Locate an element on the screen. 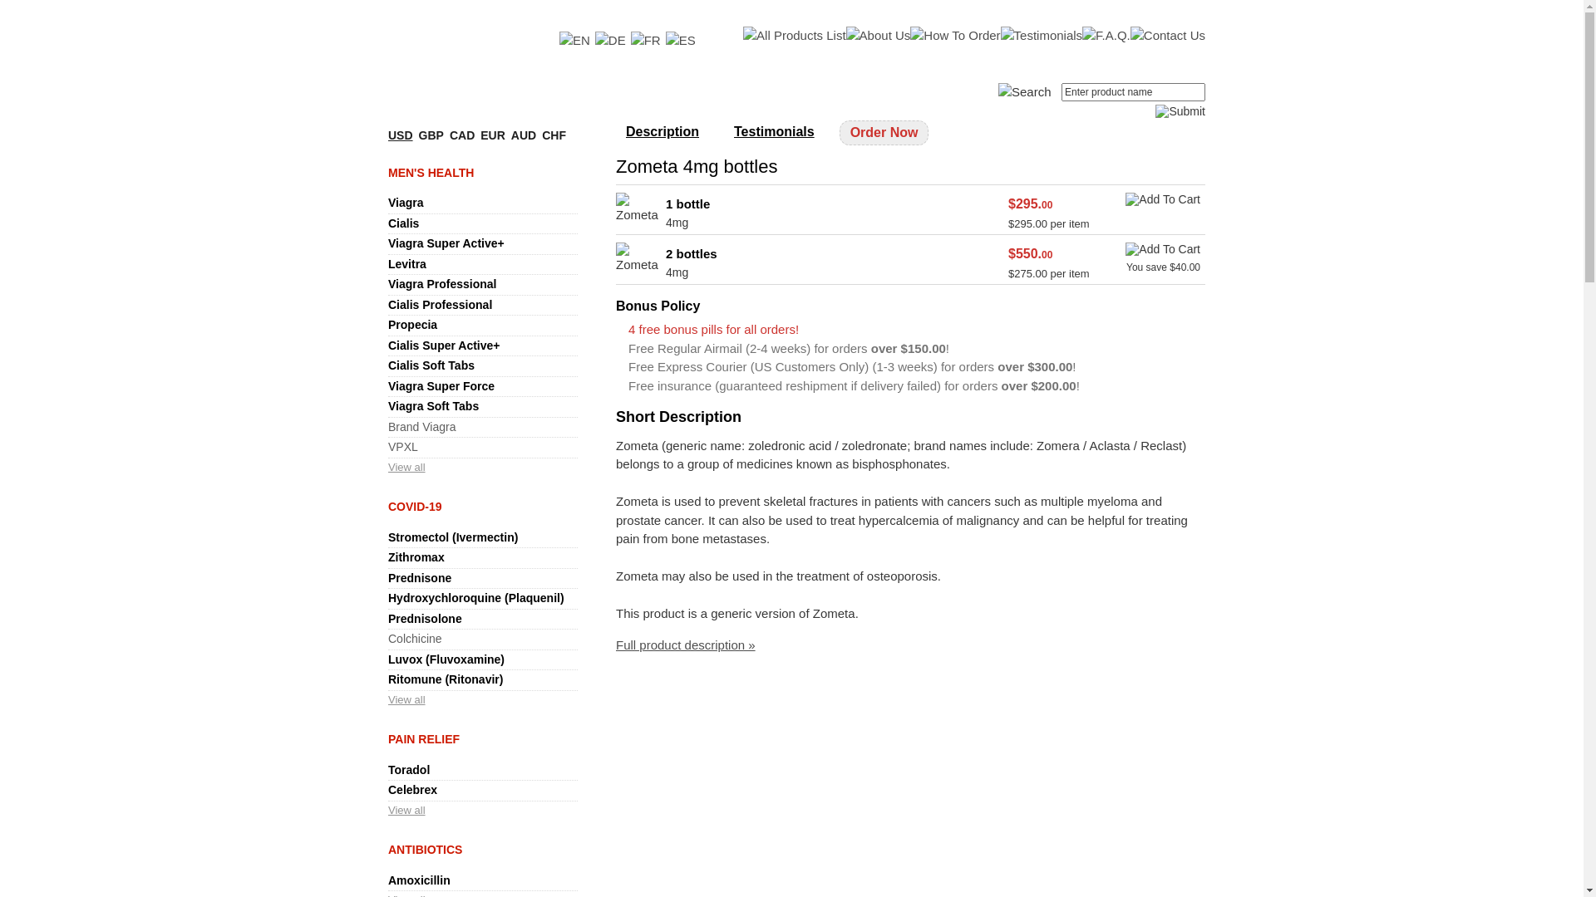 The width and height of the screenshot is (1596, 897). 'EUR' is located at coordinates (492, 134).